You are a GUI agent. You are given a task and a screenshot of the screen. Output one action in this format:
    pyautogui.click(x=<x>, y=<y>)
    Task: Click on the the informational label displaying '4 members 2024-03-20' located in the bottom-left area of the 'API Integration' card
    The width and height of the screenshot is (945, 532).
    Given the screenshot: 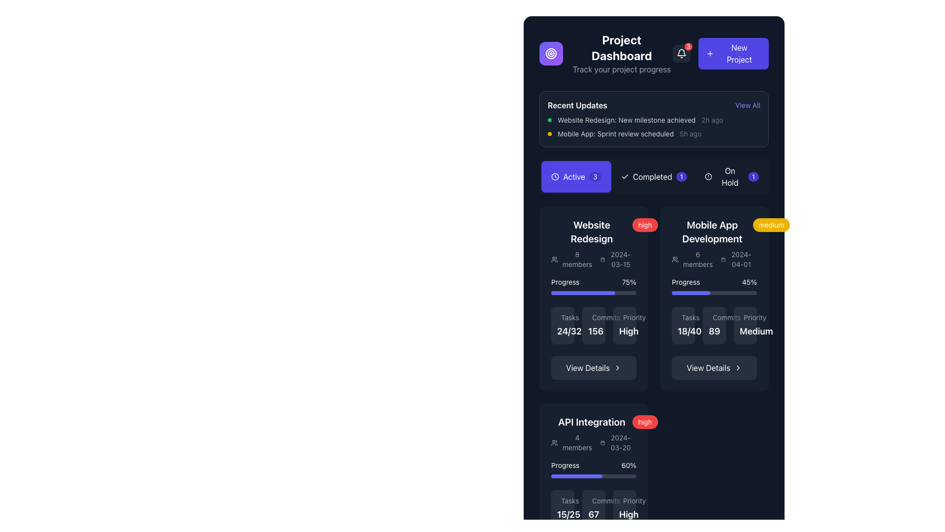 What is the action you would take?
    pyautogui.click(x=591, y=442)
    